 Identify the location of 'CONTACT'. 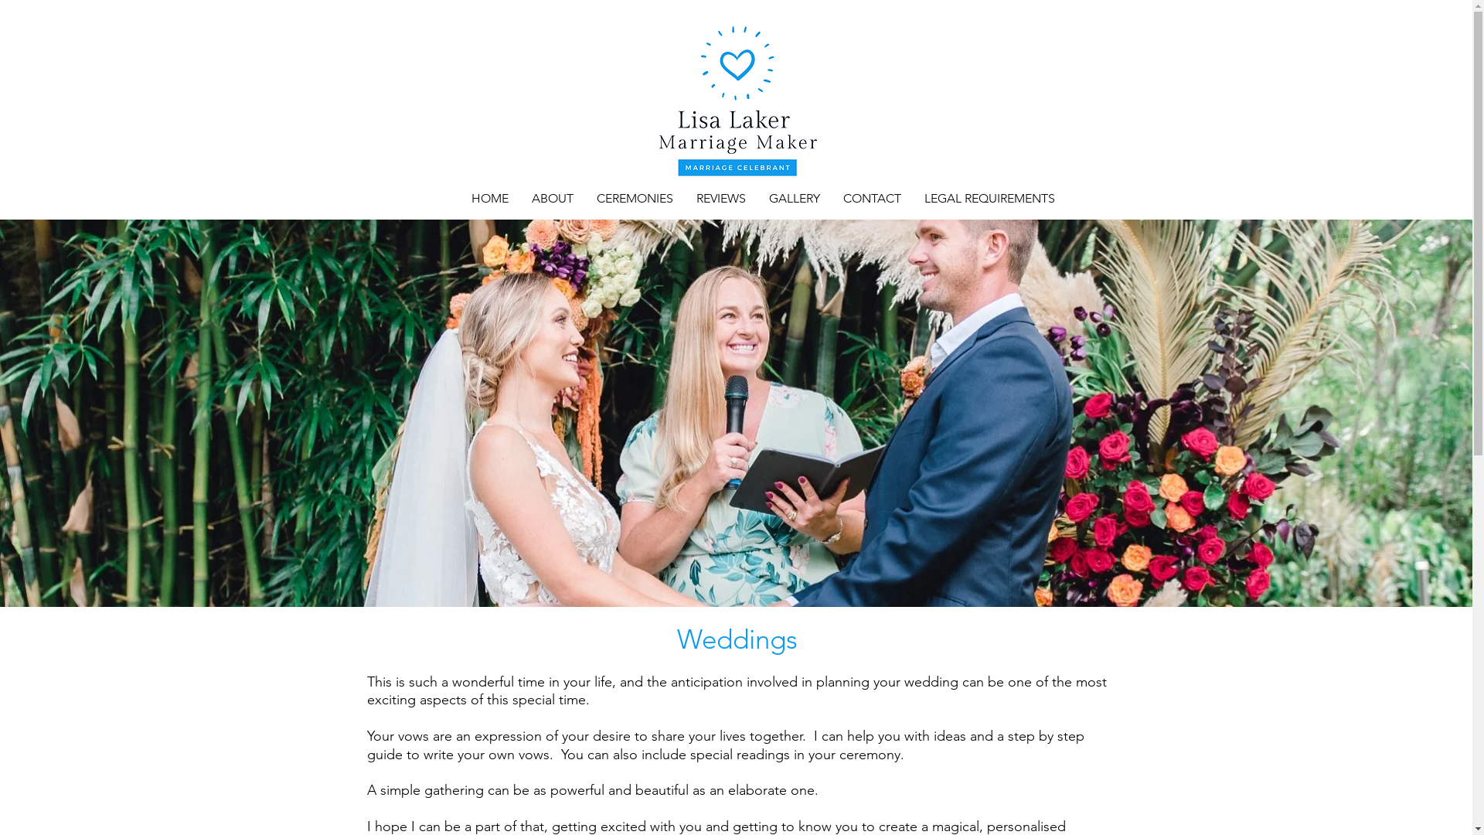
(830, 198).